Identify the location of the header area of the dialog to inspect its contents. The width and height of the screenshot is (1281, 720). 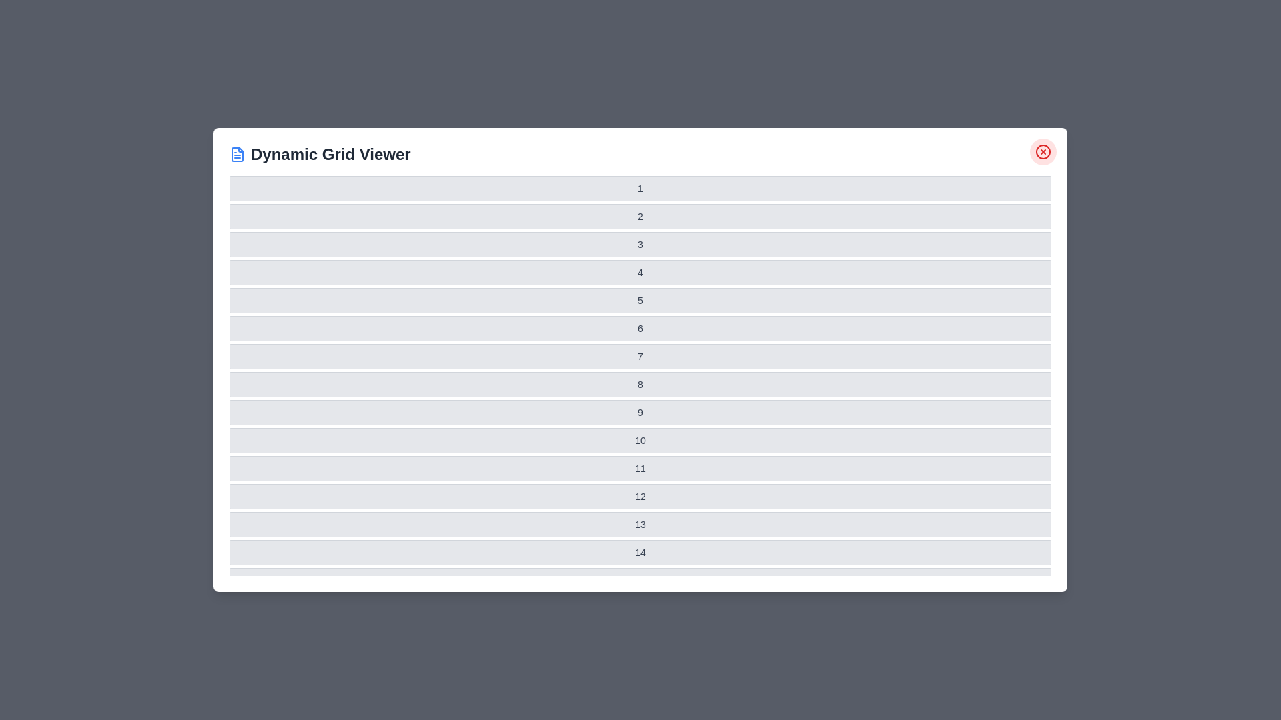
(640, 153).